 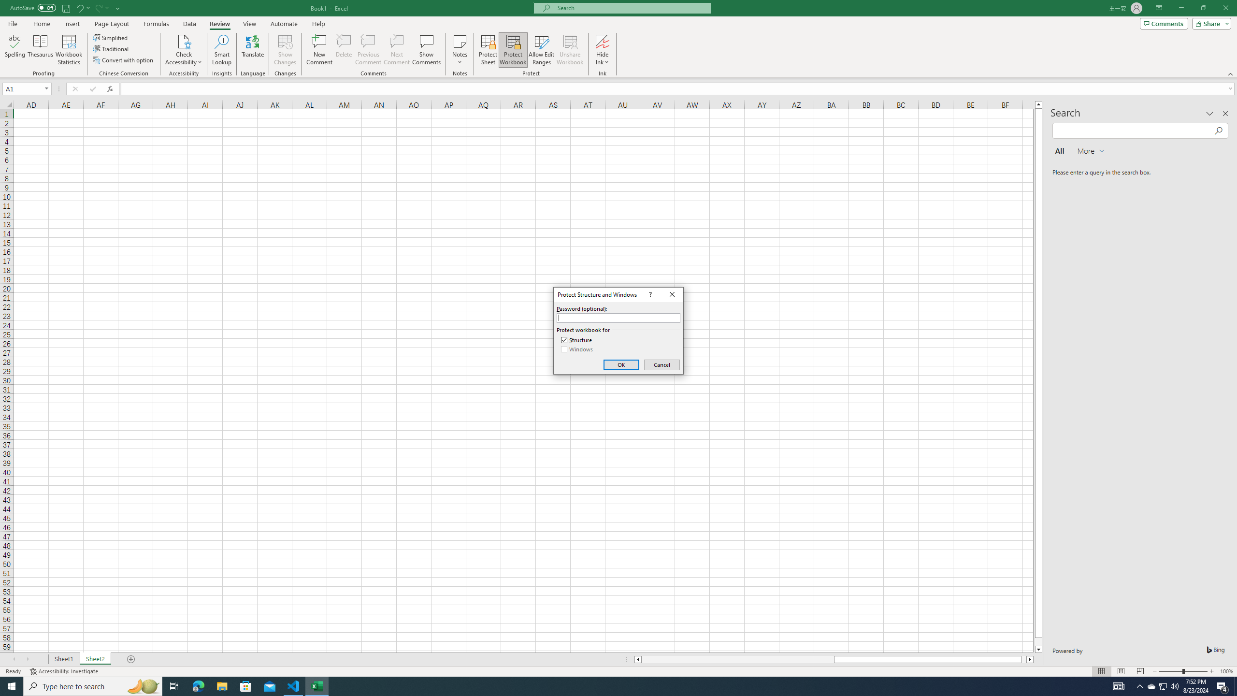 What do you see at coordinates (124, 59) in the screenshot?
I see `'Convert with option'` at bounding box center [124, 59].